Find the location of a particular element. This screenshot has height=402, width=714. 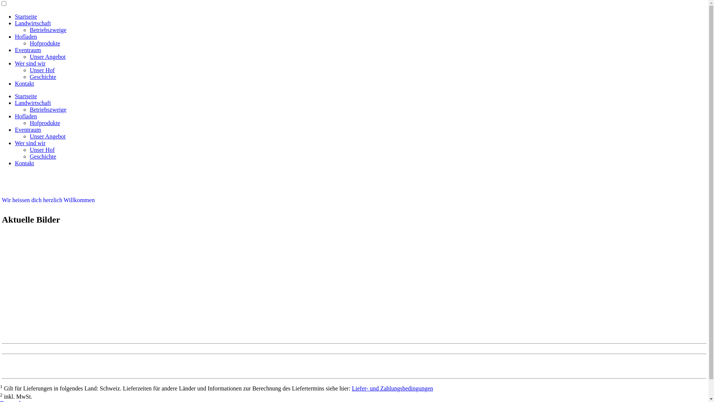

'Eventraum' is located at coordinates (28, 50).